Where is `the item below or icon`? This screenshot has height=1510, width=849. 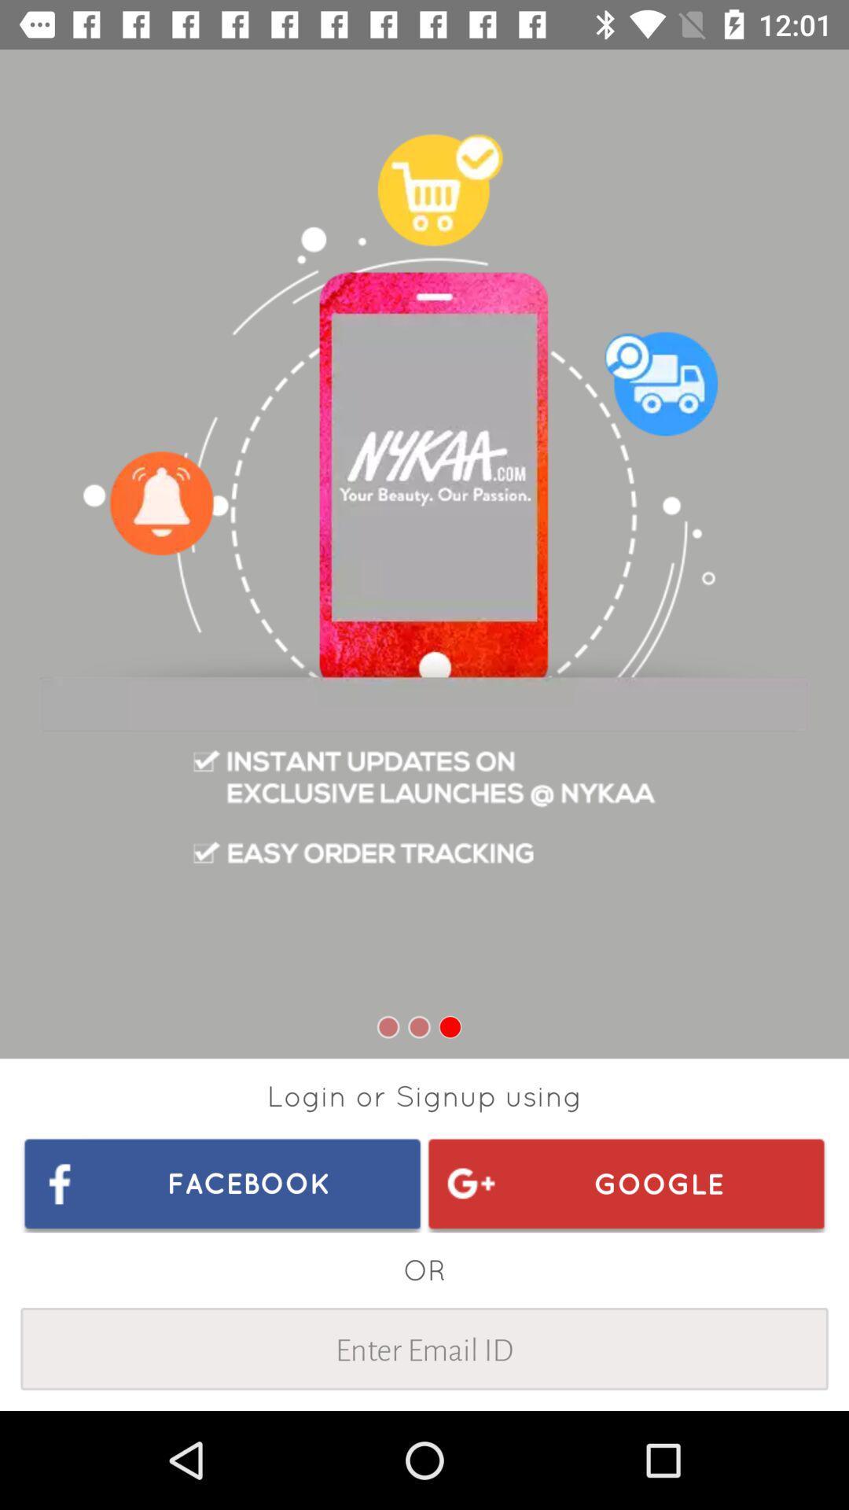 the item below or icon is located at coordinates (424, 1348).